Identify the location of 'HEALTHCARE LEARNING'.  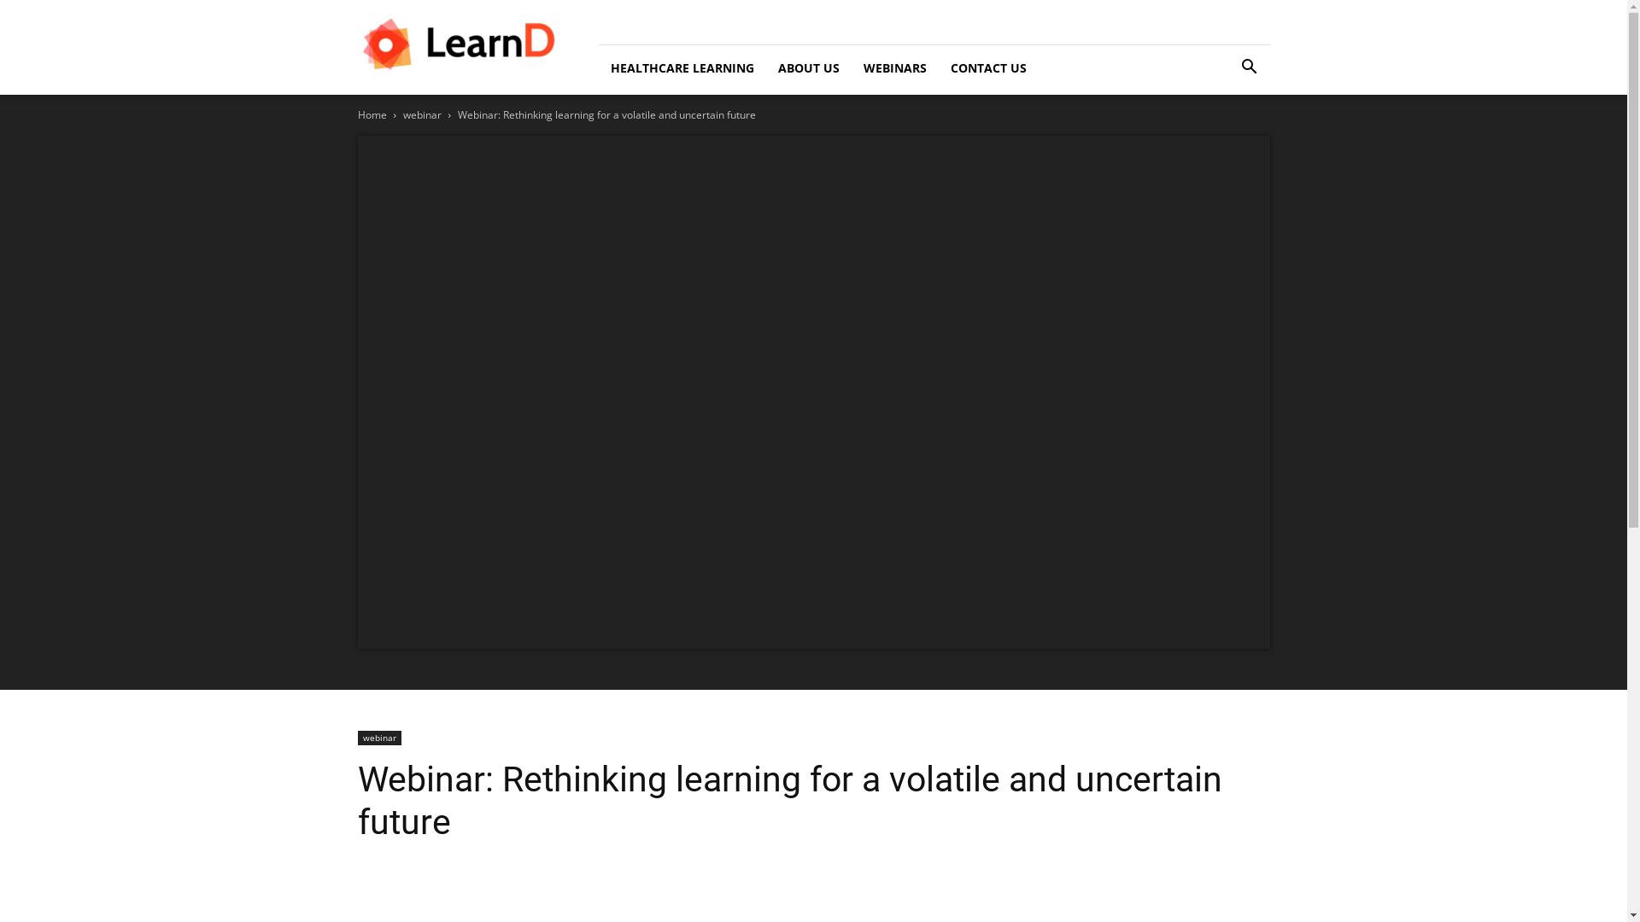
(680, 67).